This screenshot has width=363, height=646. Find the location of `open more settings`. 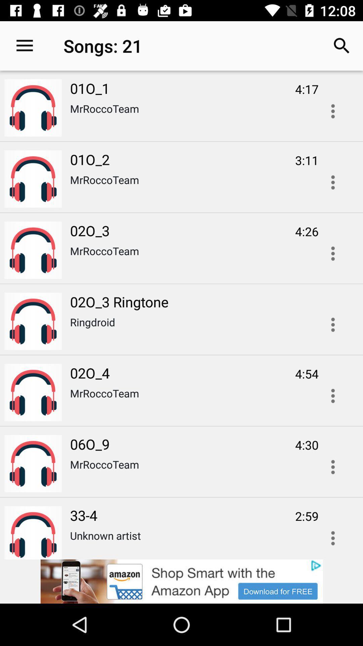

open more settings is located at coordinates (333, 253).